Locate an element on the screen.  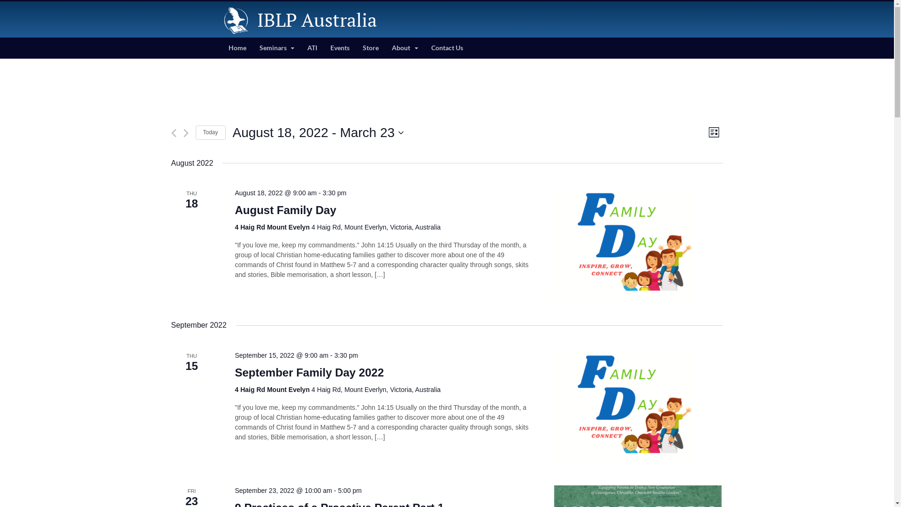
'Seminars' is located at coordinates (276, 48).